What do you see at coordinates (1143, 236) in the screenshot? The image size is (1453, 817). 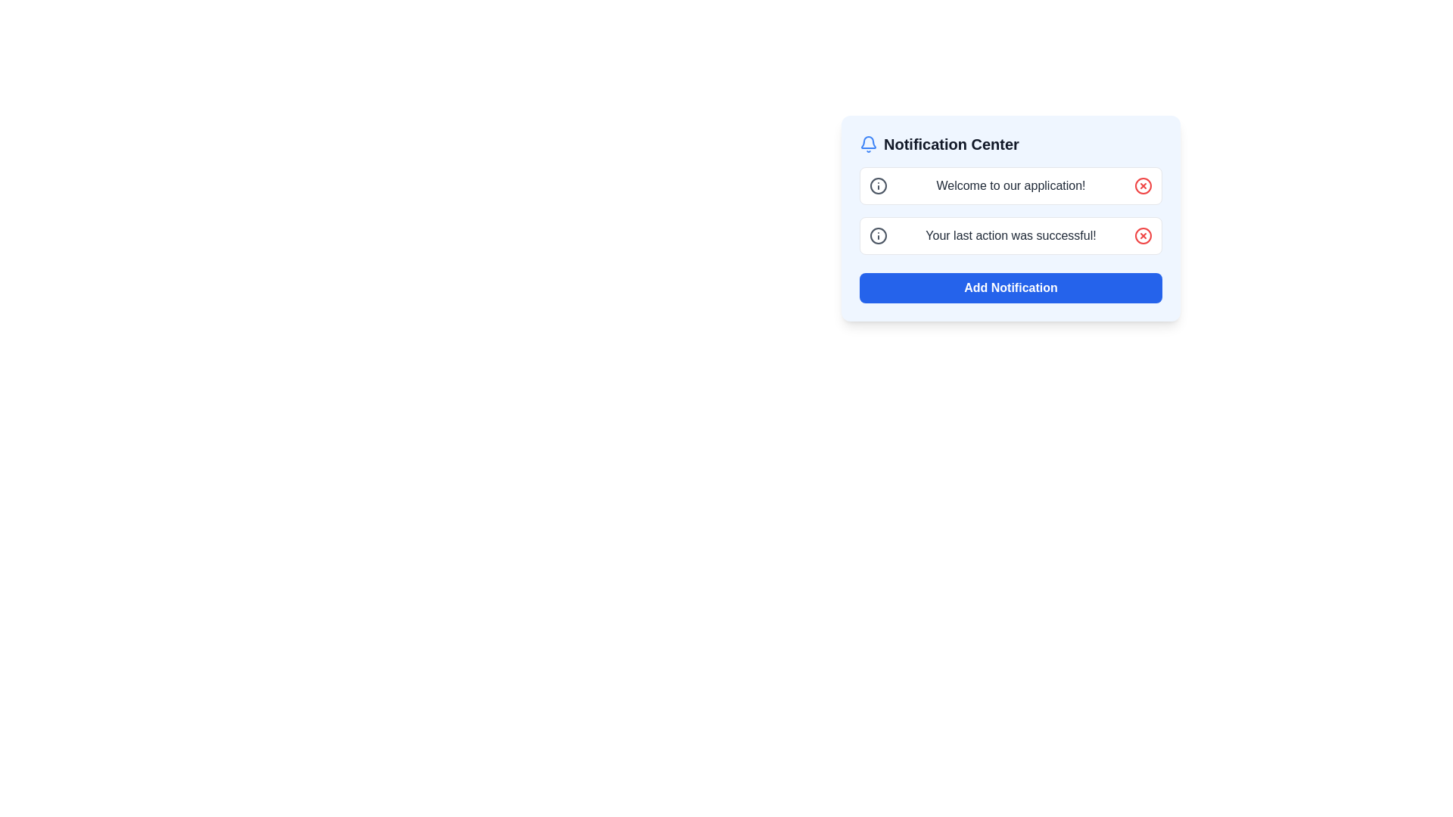 I see `the Icon button located to the far right of the second notification item in the notification list for keyboard interaction` at bounding box center [1143, 236].